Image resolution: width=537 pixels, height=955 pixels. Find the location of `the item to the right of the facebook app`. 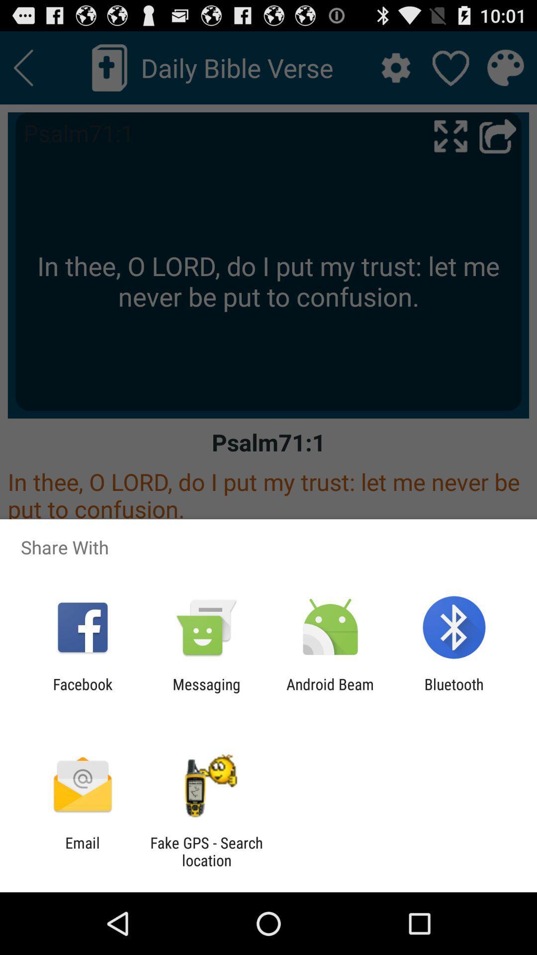

the item to the right of the facebook app is located at coordinates (206, 692).